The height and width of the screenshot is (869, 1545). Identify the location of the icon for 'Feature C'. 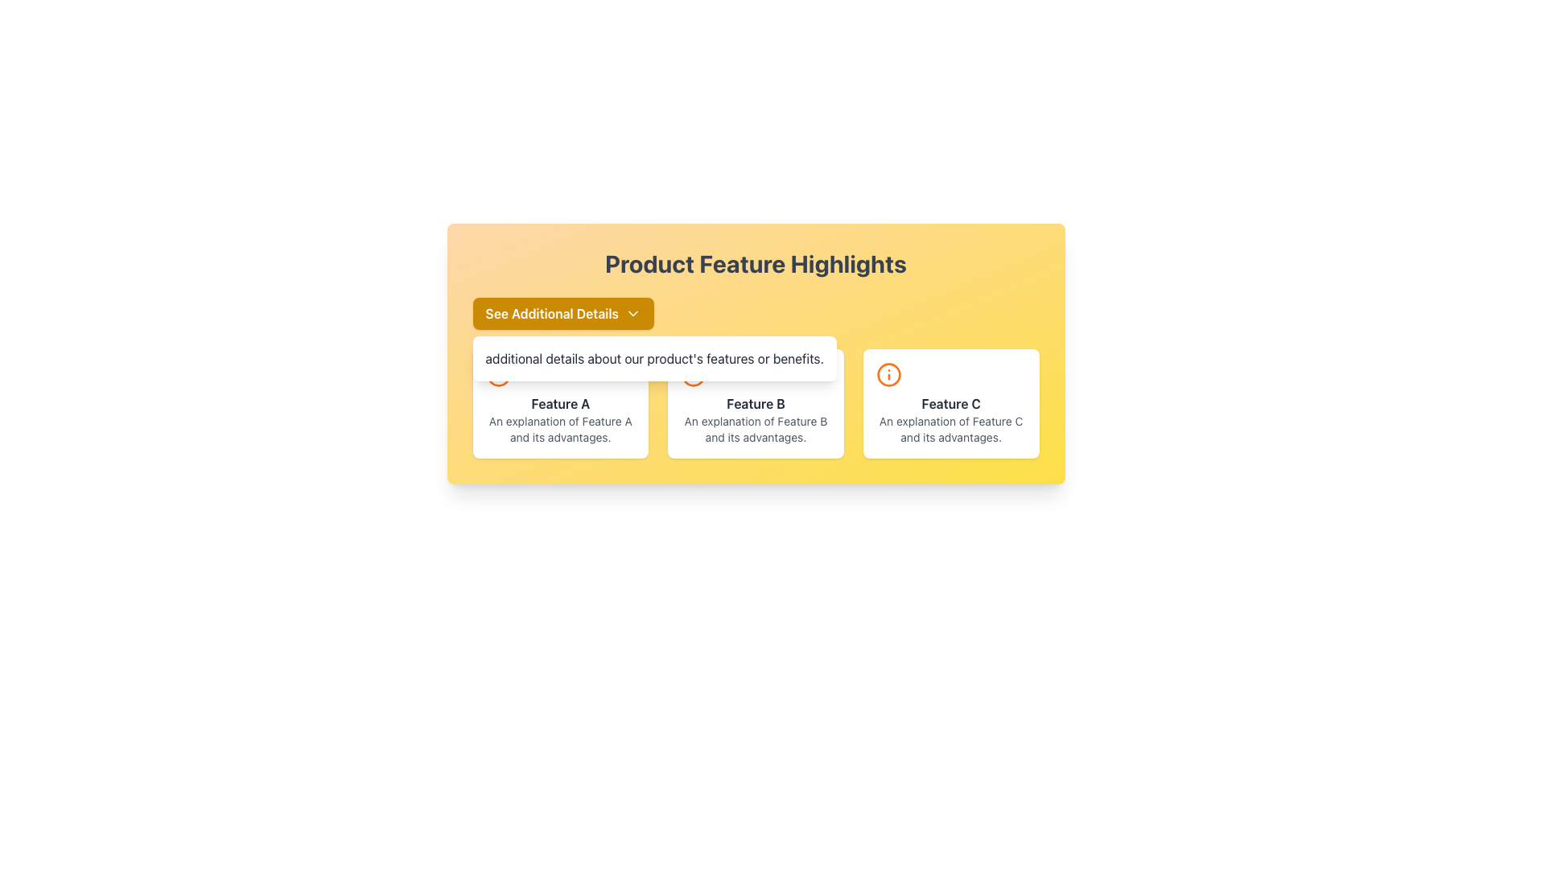
(888, 375).